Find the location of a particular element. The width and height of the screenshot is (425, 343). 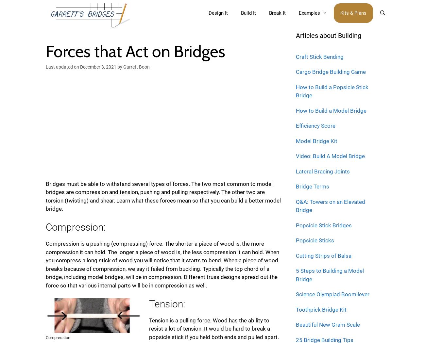

'Popsicle Stick Bridges' is located at coordinates (323, 225).